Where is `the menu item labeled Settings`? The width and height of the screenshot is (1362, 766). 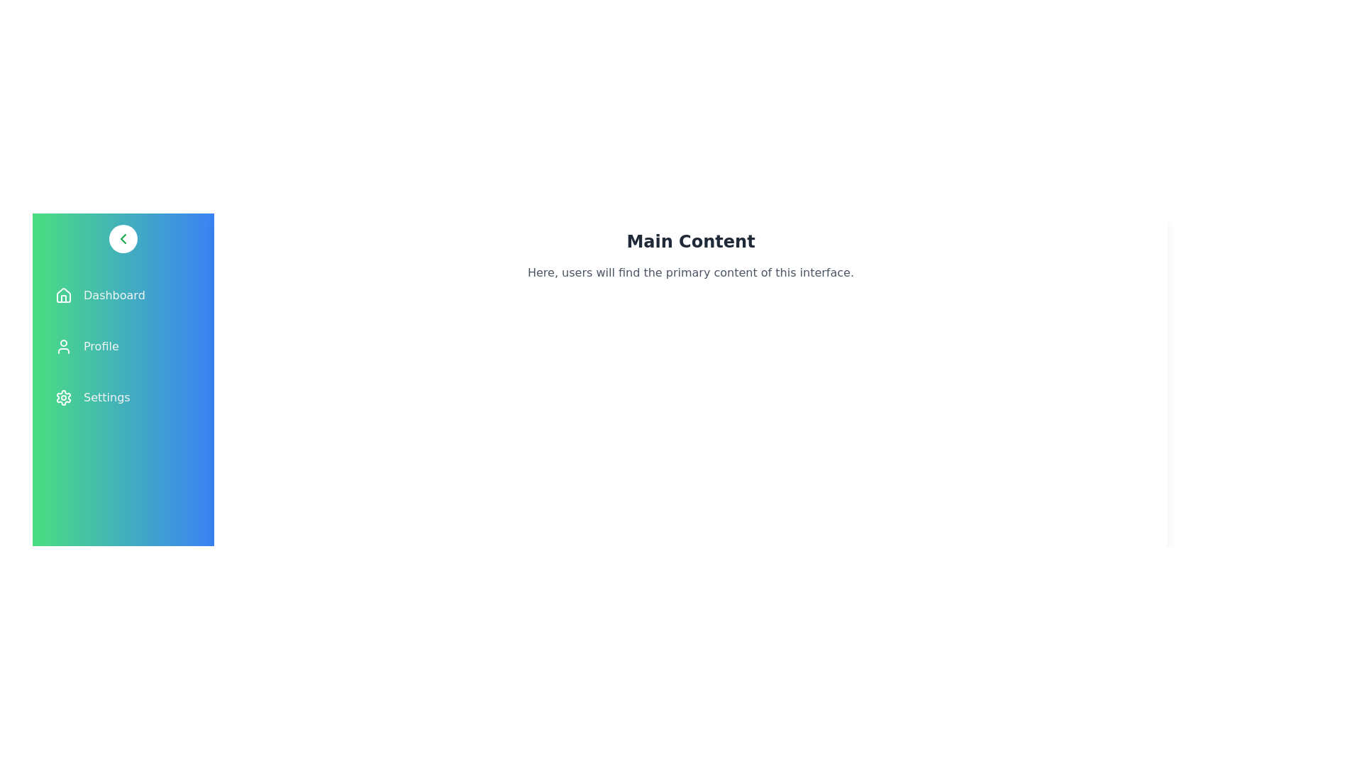
the menu item labeled Settings is located at coordinates (123, 397).